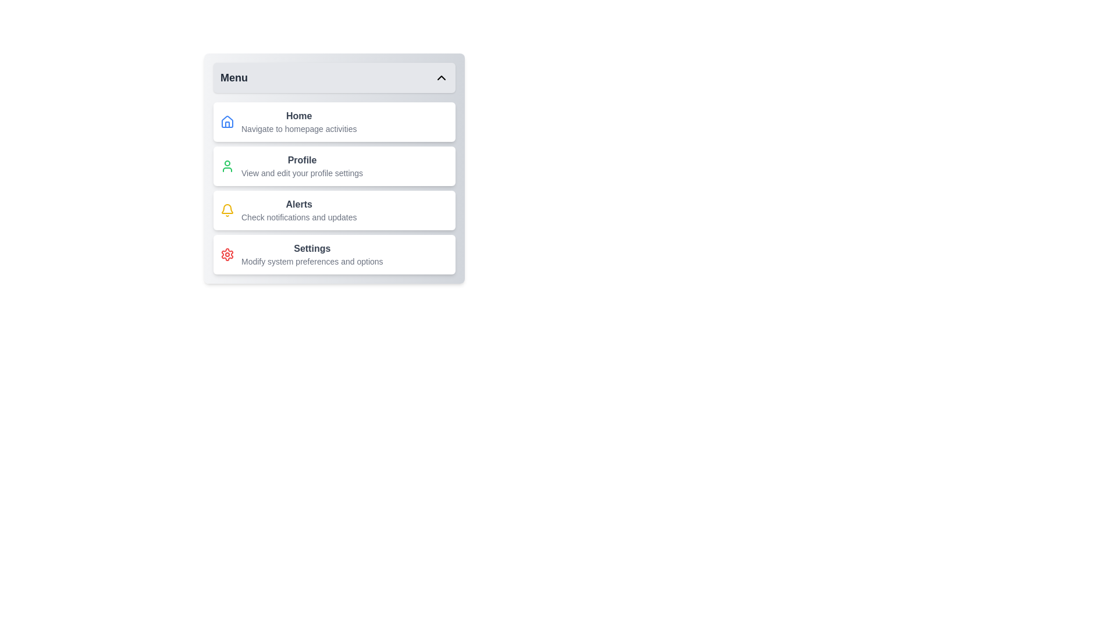  What do you see at coordinates (334, 210) in the screenshot?
I see `the menu item labeled Alerts` at bounding box center [334, 210].